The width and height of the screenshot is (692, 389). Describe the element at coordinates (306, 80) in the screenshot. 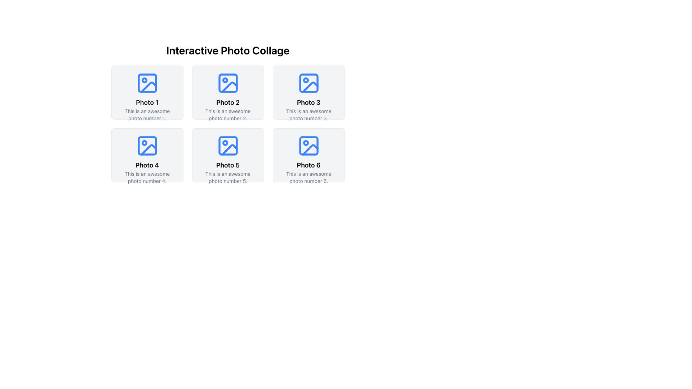

I see `the decorative circle element inside the 'Photo 3' icon in the 'Interactive Photo Collage' section` at that location.